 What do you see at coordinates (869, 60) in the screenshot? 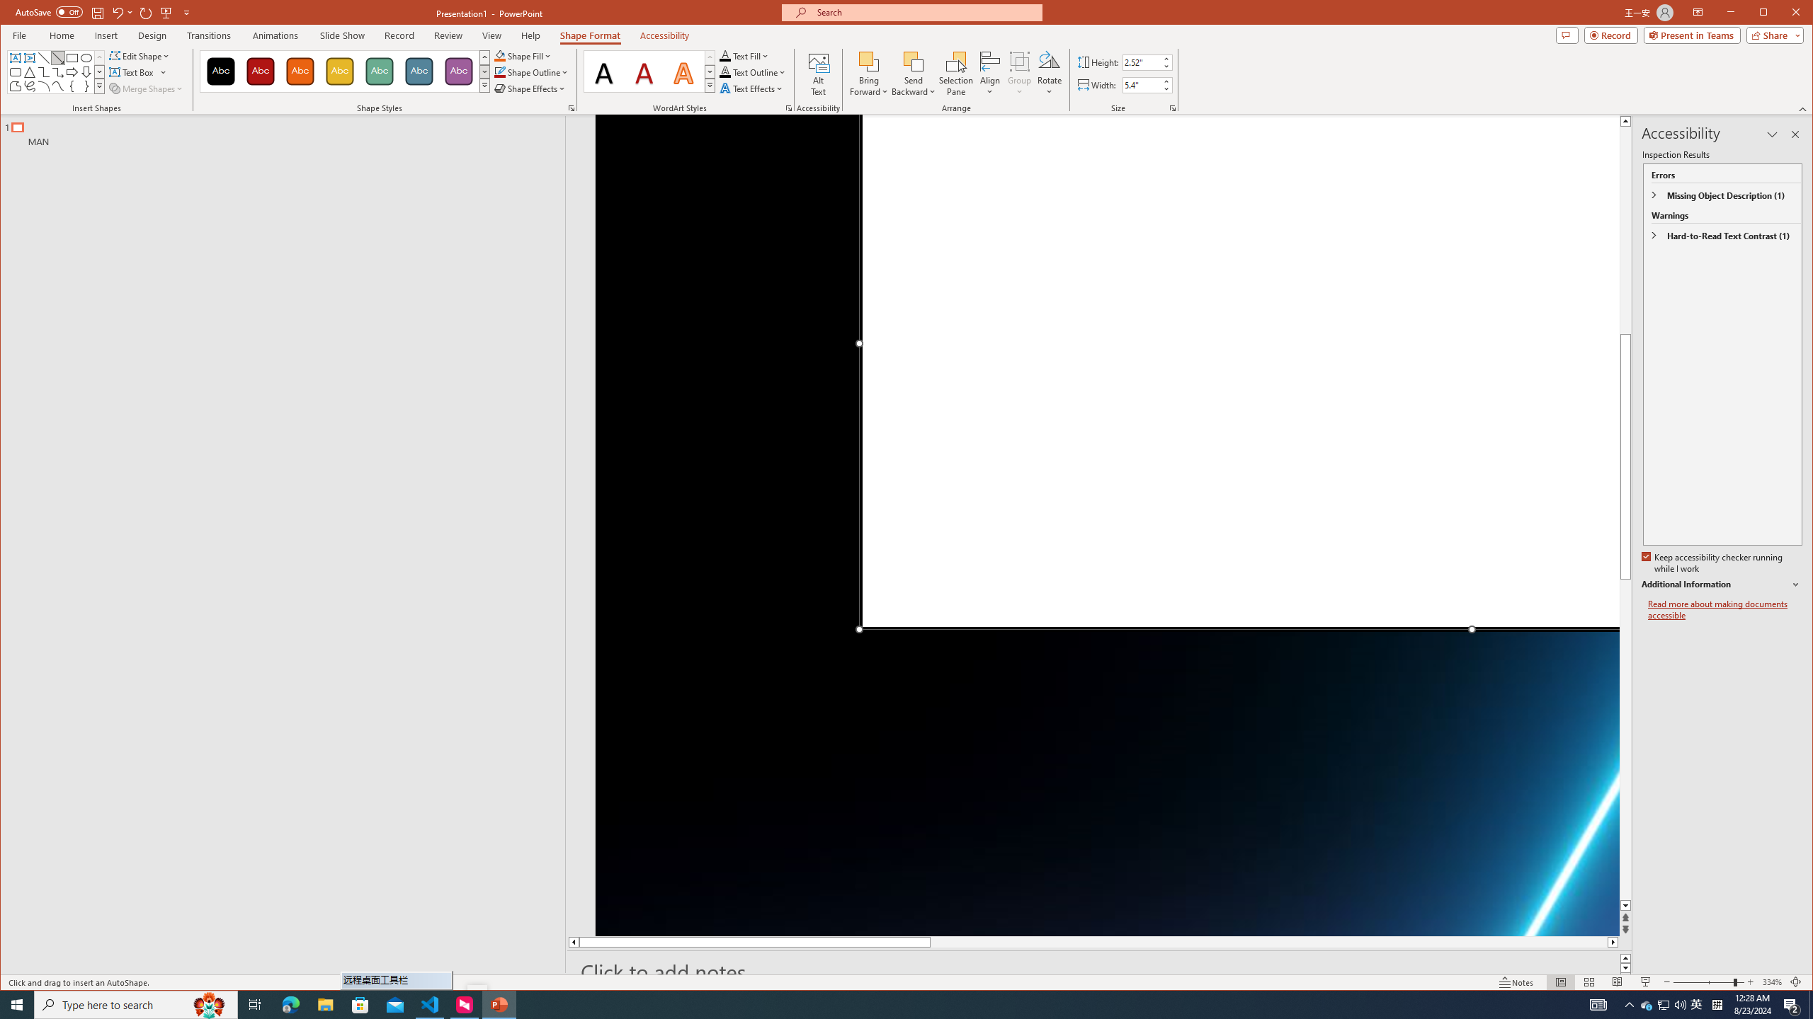
I see `'Bring Forward'` at bounding box center [869, 60].